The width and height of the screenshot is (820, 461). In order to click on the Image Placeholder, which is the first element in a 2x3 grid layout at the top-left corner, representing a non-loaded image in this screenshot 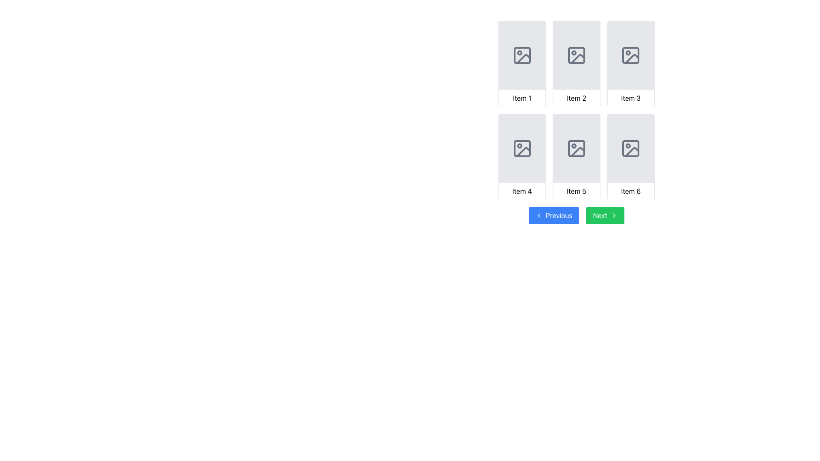, I will do `click(521, 55)`.